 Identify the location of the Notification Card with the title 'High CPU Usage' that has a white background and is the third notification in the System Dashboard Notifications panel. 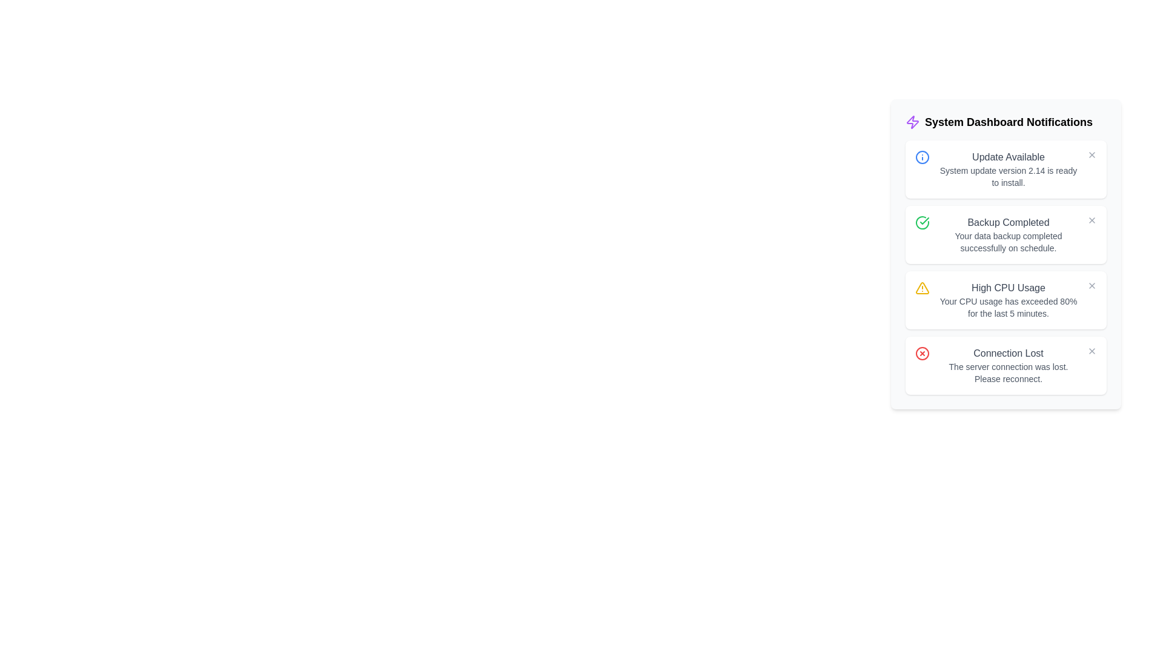
(1006, 300).